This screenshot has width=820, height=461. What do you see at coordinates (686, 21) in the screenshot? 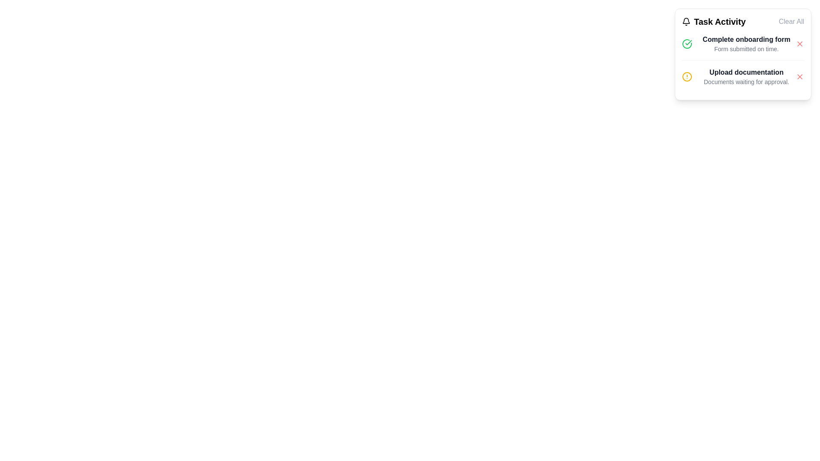
I see `the bell icon representing notifications in the task activity header, located to the left of the 'Task Activity' text` at bounding box center [686, 21].